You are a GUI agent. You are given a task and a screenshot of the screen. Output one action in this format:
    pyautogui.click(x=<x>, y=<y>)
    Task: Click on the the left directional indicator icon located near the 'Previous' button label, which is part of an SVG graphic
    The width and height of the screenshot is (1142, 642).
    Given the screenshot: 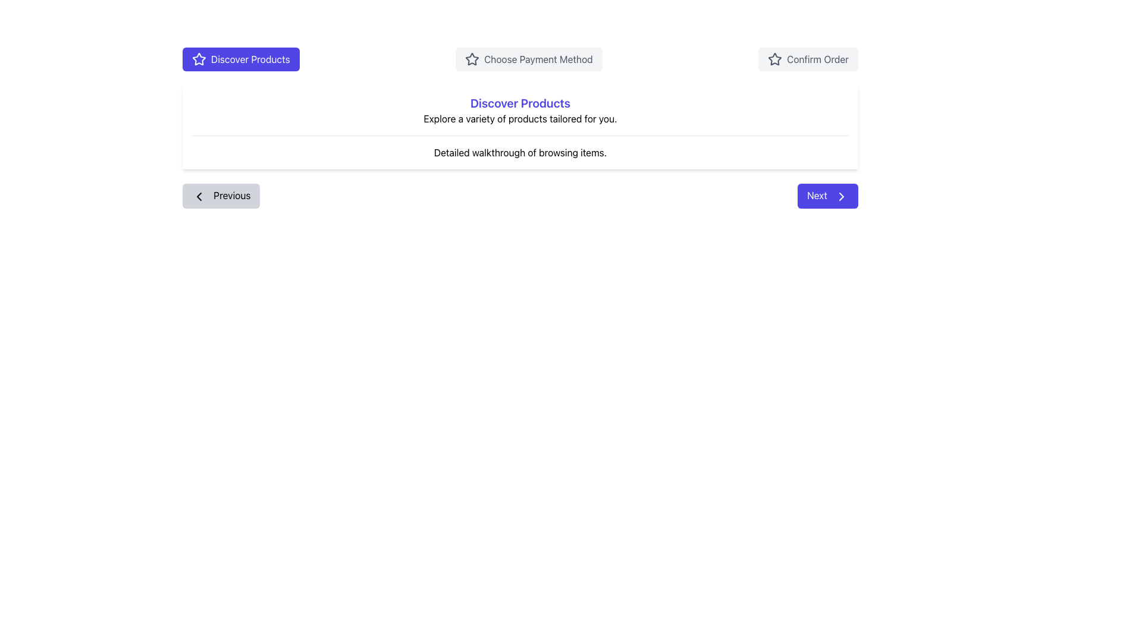 What is the action you would take?
    pyautogui.click(x=199, y=196)
    